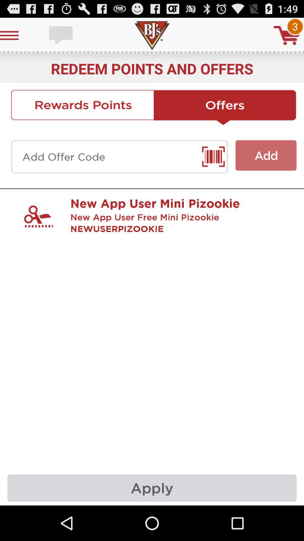 This screenshot has height=541, width=304. Describe the element at coordinates (225, 107) in the screenshot. I see `offers` at that location.